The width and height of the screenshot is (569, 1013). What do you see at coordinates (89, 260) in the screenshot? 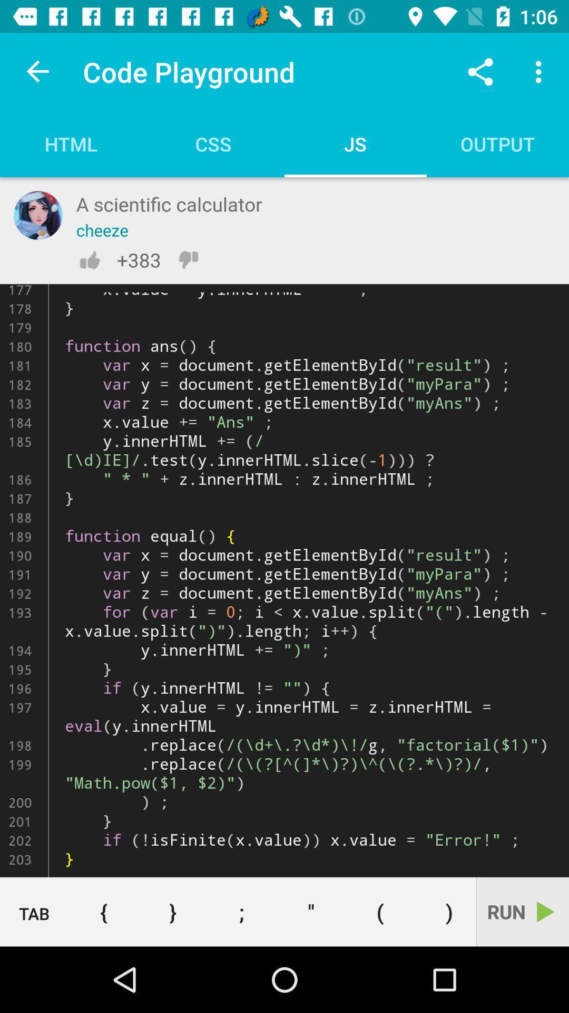
I see `like the coment` at bounding box center [89, 260].